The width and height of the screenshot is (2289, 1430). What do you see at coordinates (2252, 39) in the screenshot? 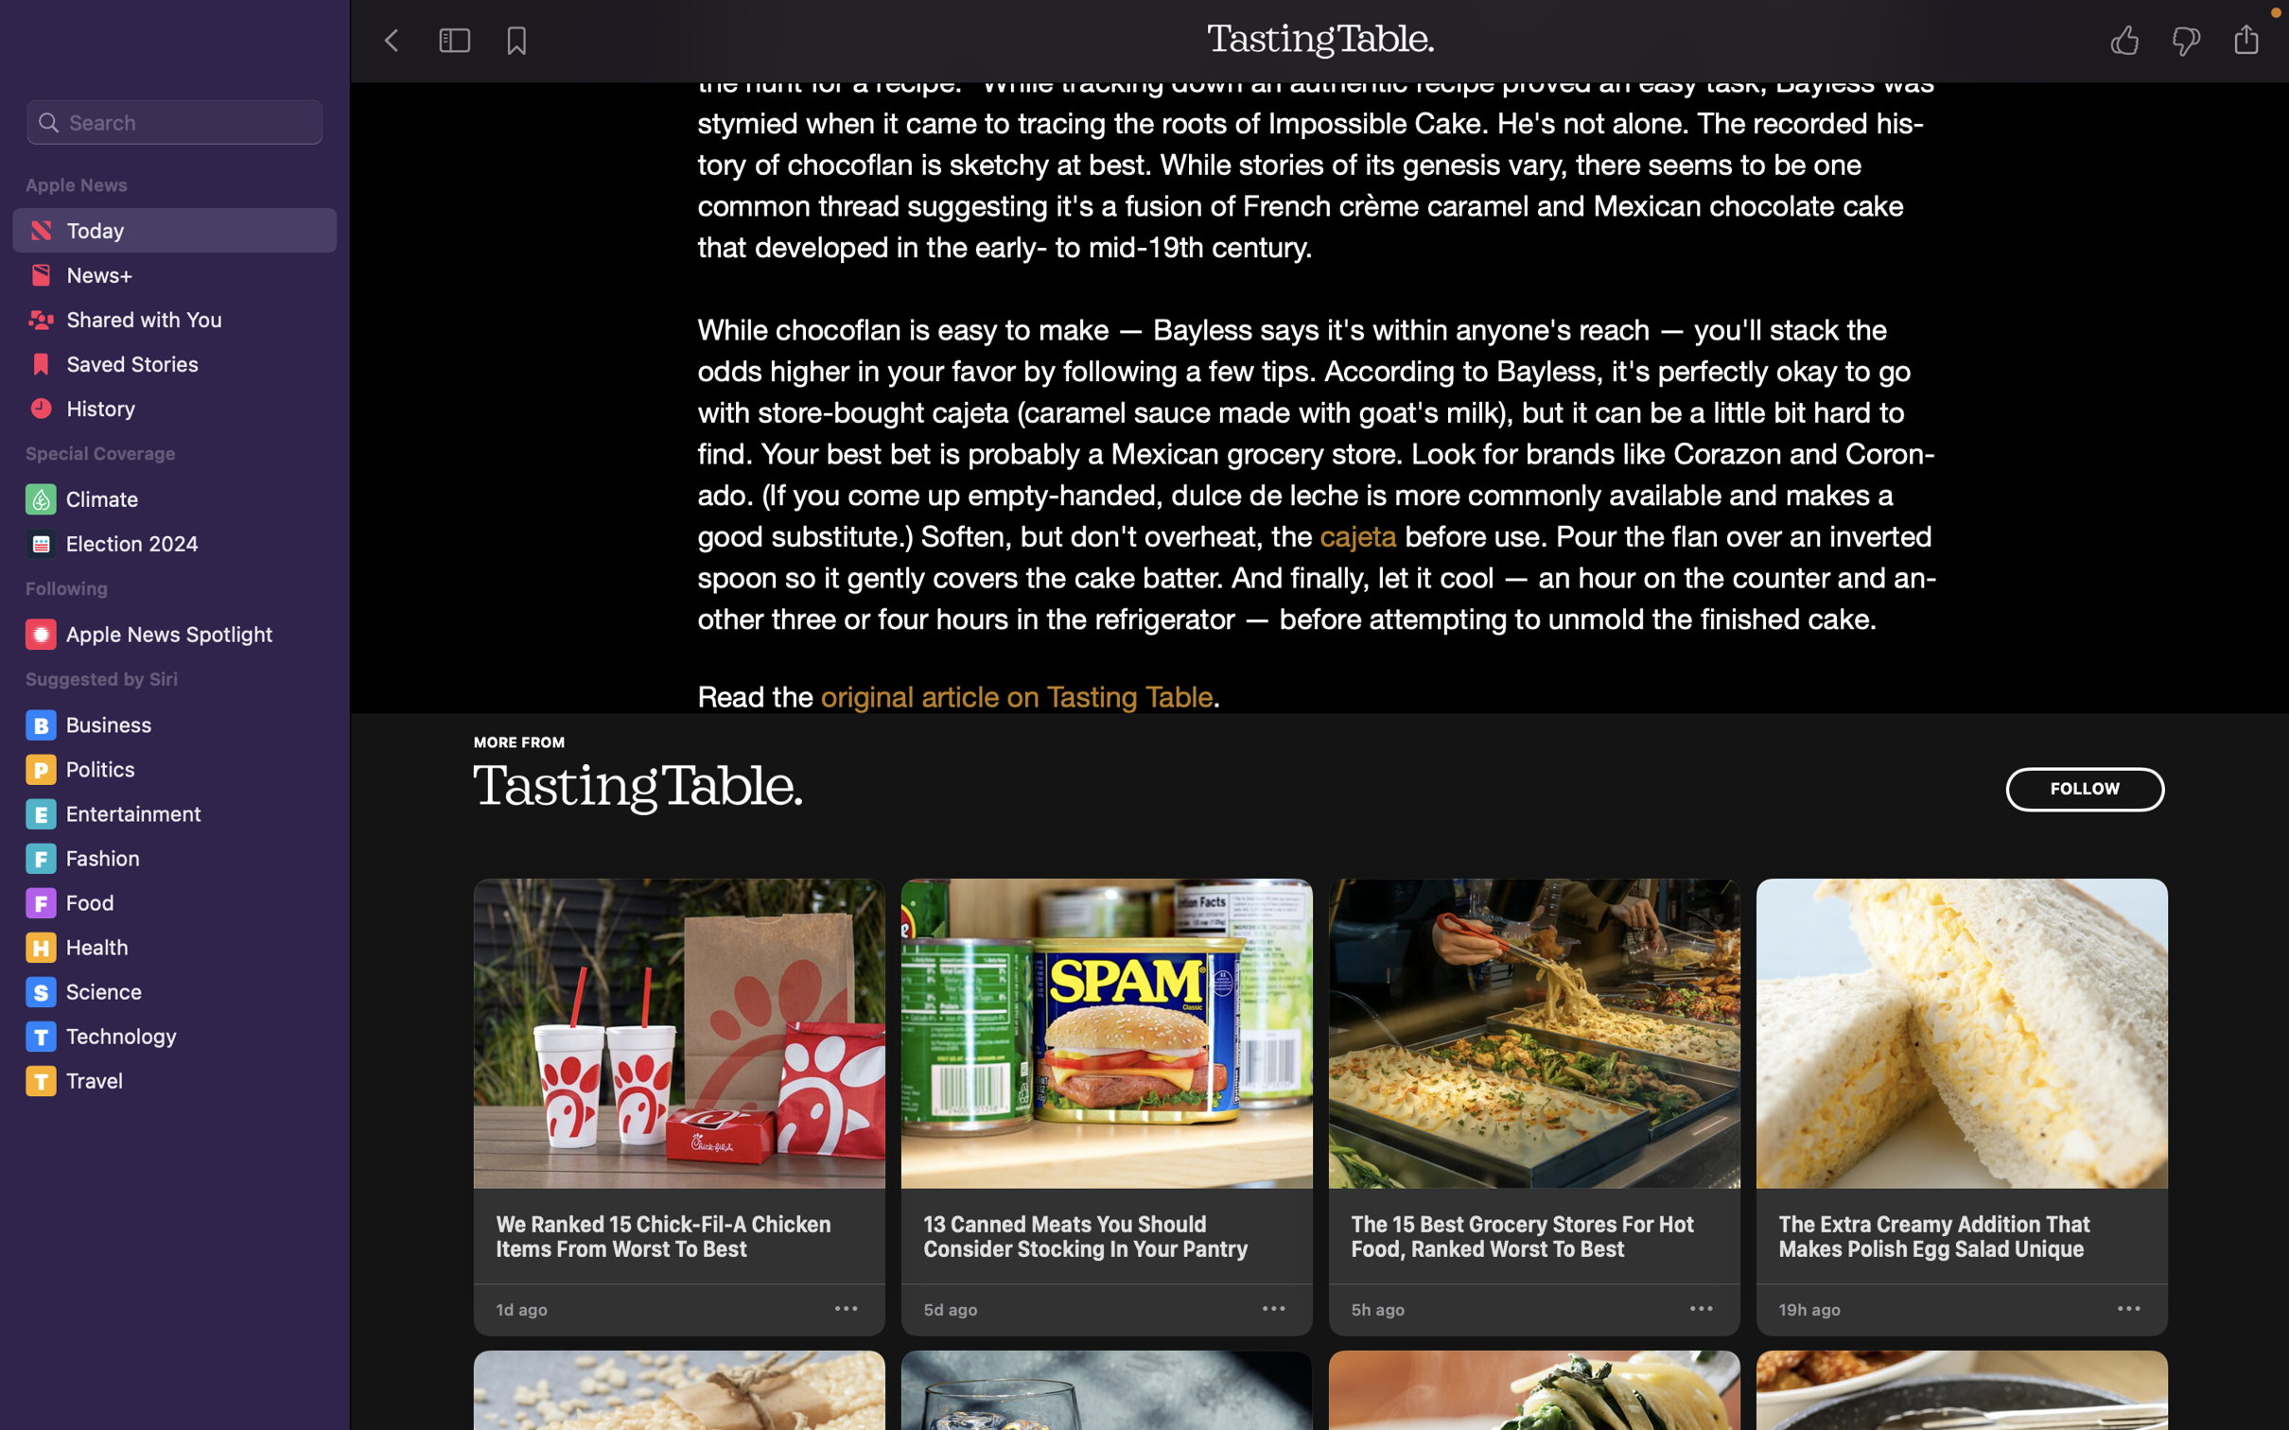
I see `Distribute this current tale to Twitter` at bounding box center [2252, 39].